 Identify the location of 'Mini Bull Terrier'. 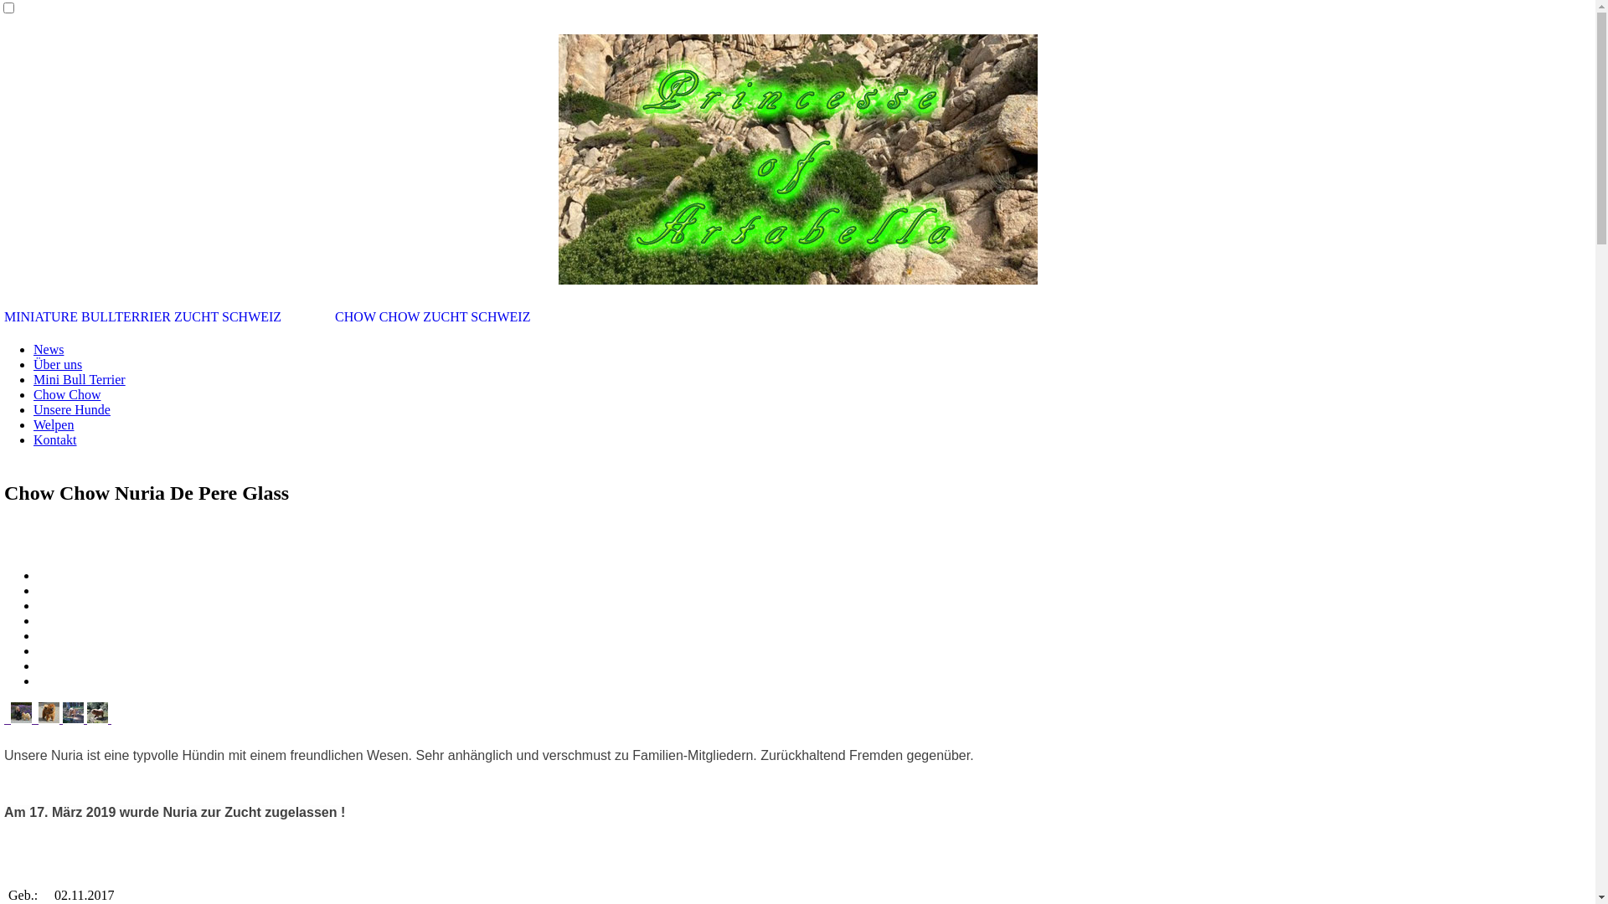
(79, 379).